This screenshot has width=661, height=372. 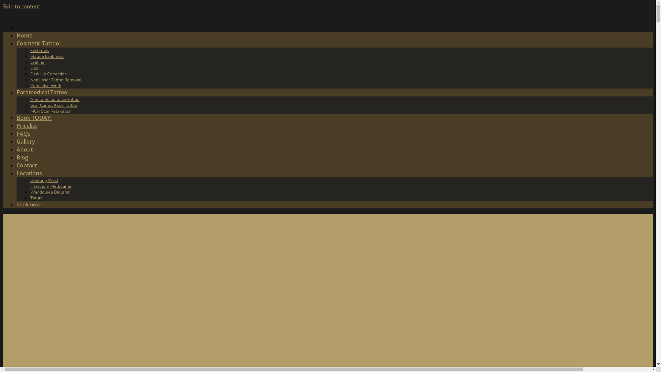 I want to click on 'Non Laser Tattoo Removal', so click(x=56, y=79).